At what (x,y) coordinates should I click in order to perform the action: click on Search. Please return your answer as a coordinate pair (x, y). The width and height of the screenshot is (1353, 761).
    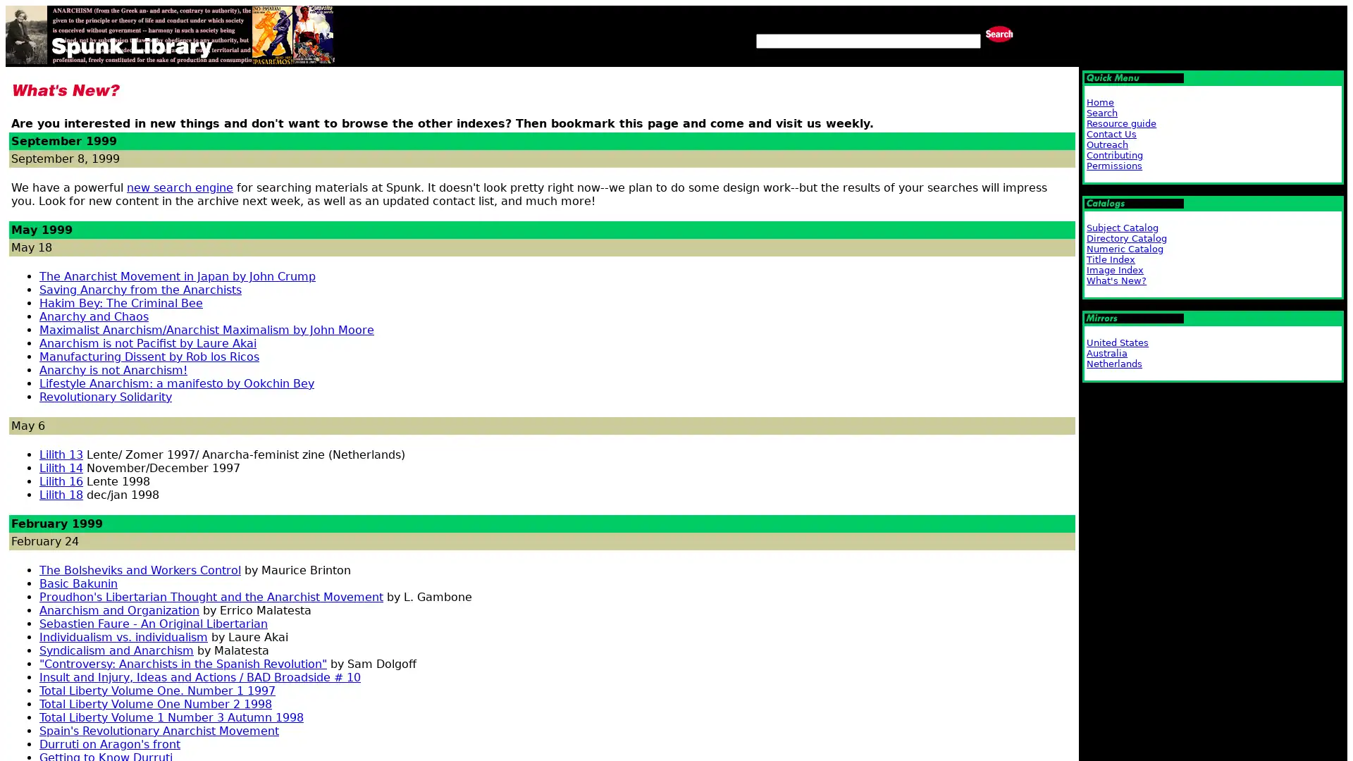
    Looking at the image, I should click on (998, 33).